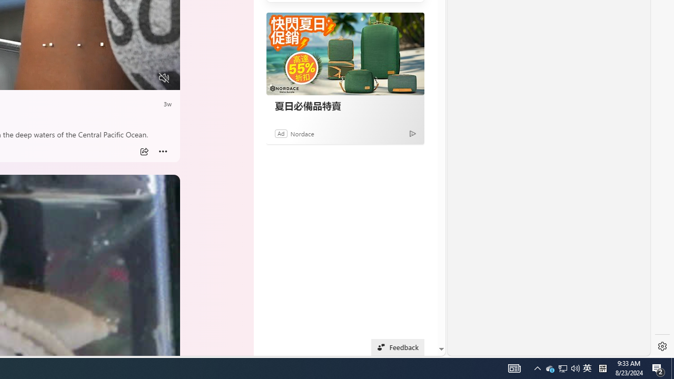 The width and height of the screenshot is (674, 379). Describe the element at coordinates (144, 152) in the screenshot. I see `'Share'` at that location.